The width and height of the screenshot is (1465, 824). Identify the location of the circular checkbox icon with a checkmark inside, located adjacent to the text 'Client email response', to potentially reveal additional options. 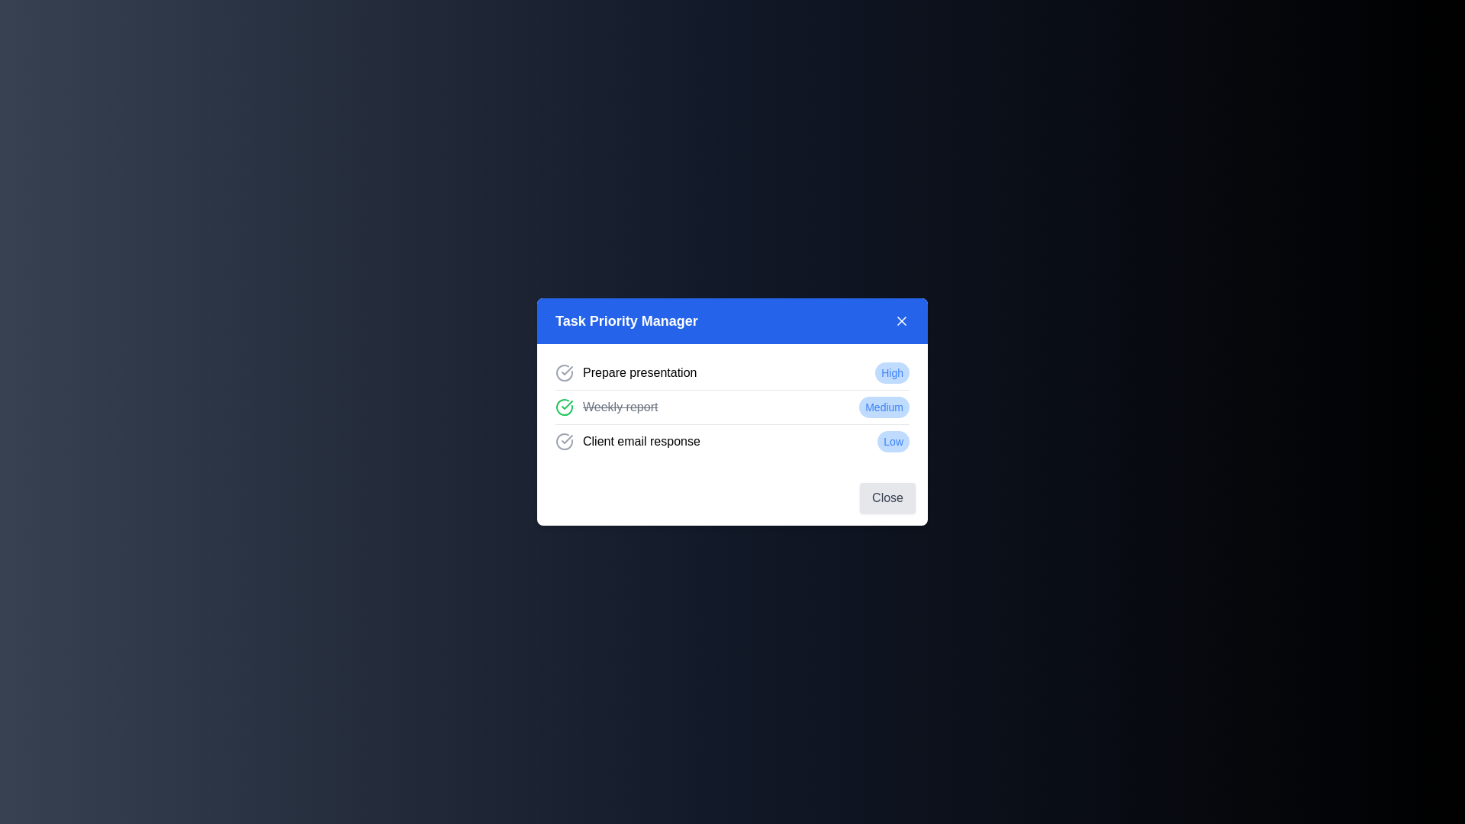
(563, 441).